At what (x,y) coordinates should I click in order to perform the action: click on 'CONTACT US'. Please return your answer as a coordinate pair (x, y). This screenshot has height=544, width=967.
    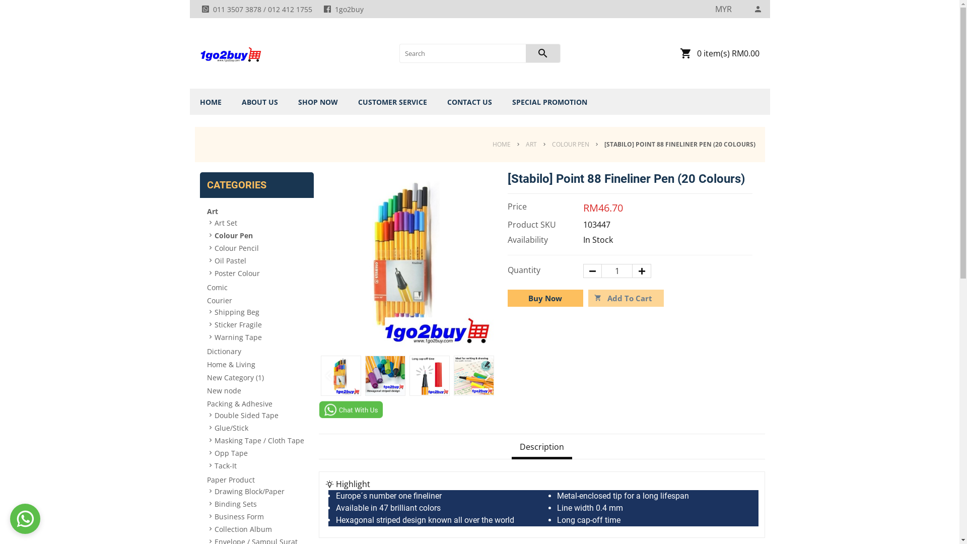
    Looking at the image, I should click on (469, 102).